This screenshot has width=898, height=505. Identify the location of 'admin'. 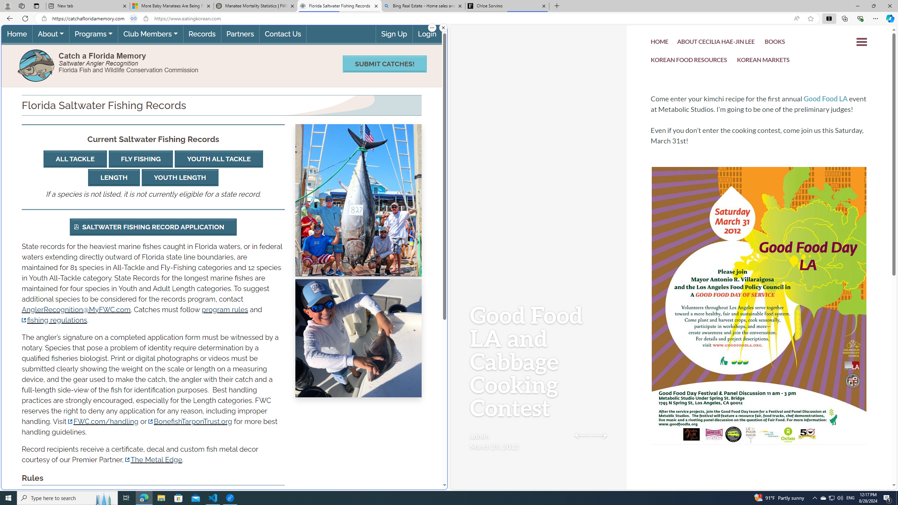
(479, 436).